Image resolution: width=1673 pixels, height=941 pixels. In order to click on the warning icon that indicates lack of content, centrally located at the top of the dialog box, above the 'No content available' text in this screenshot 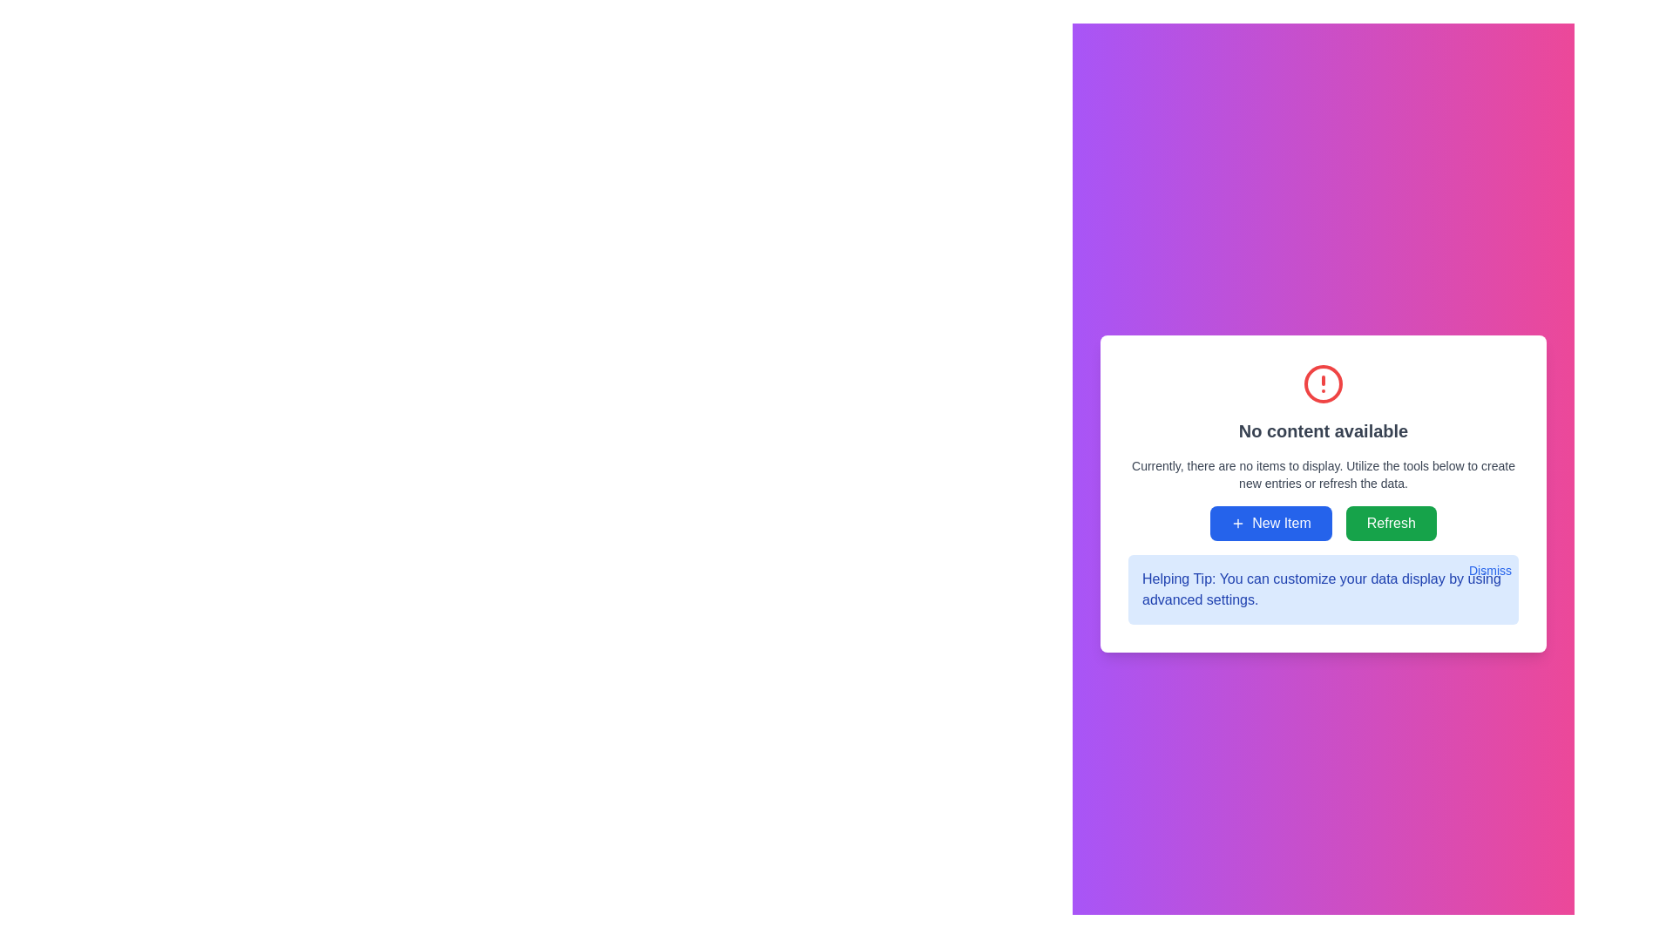, I will do `click(1323, 382)`.